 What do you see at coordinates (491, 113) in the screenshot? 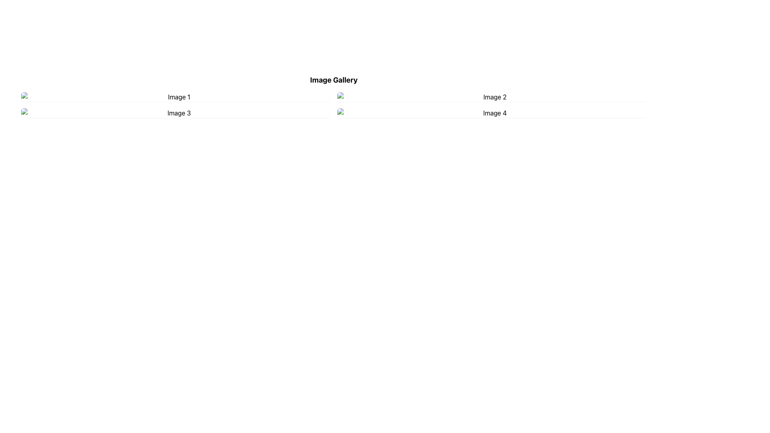
I see `the navigation button-like graphical icon located in the center-right area next to the 'Image 4' label, which suggests a rightward navigation action` at bounding box center [491, 113].